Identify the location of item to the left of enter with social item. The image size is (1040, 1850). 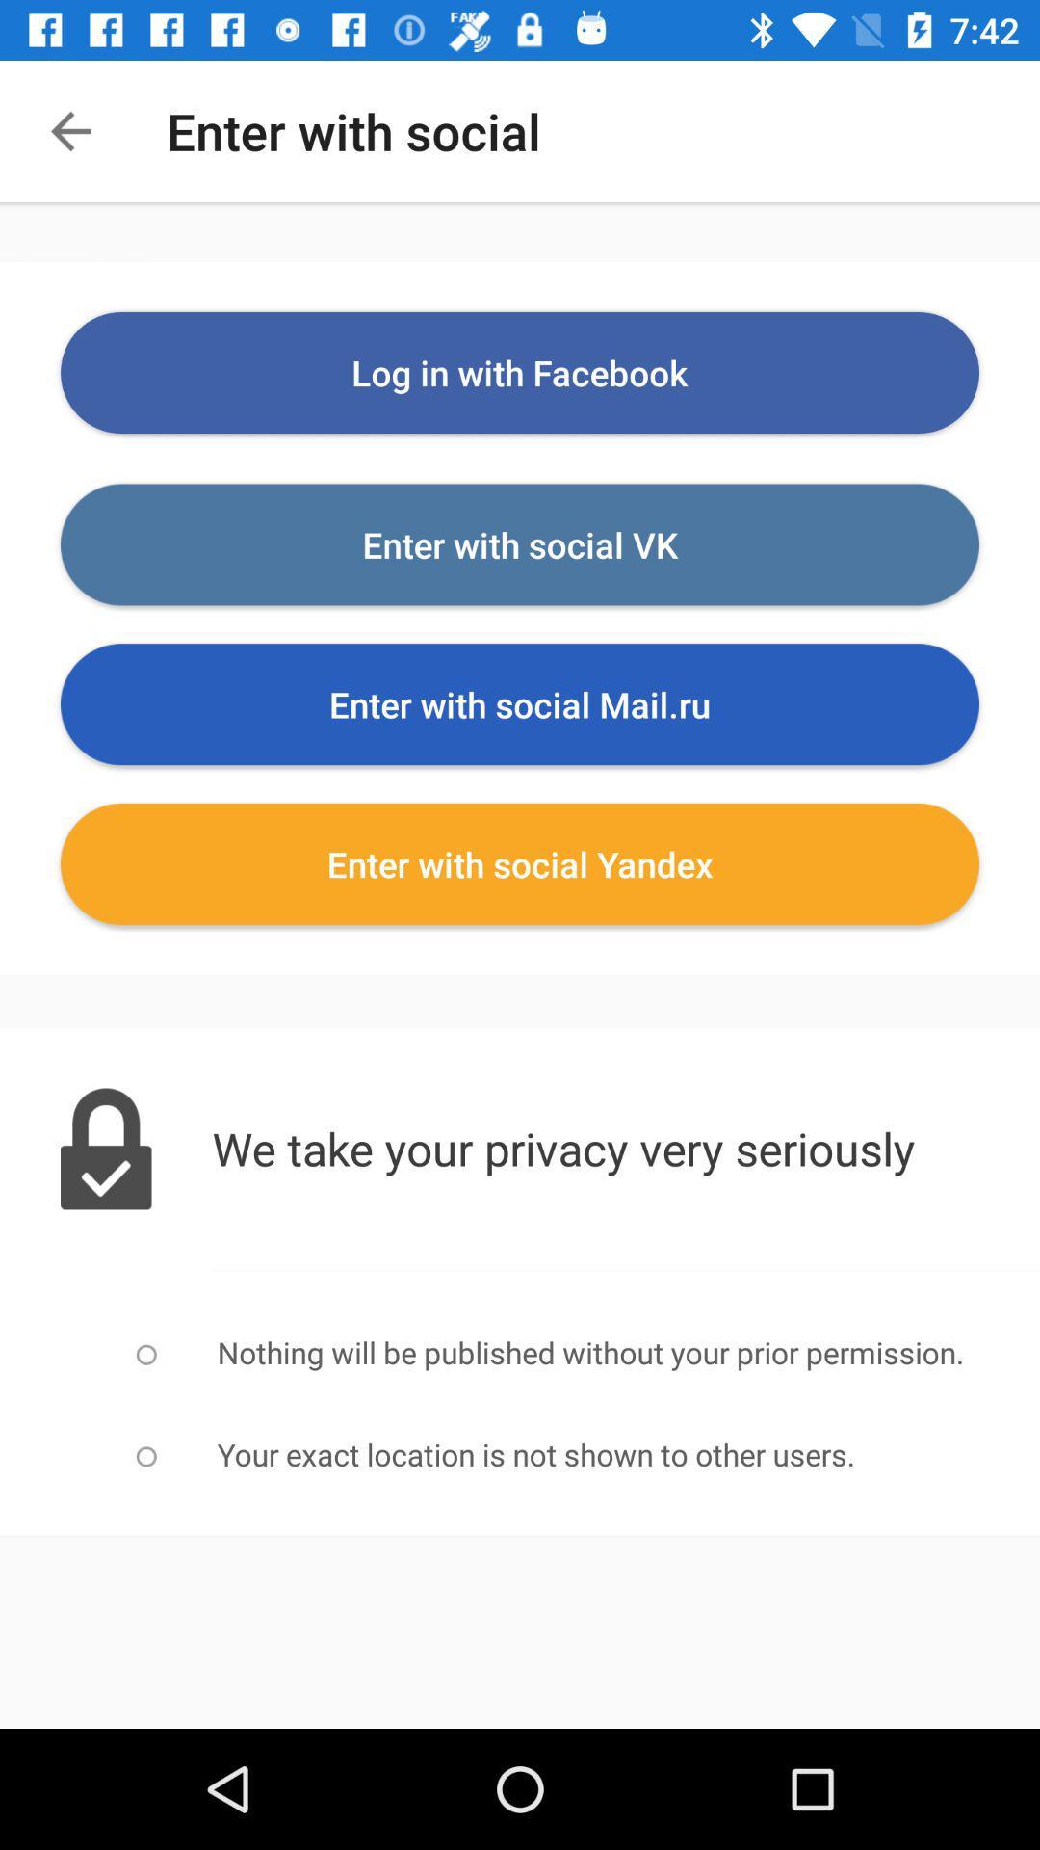
(69, 130).